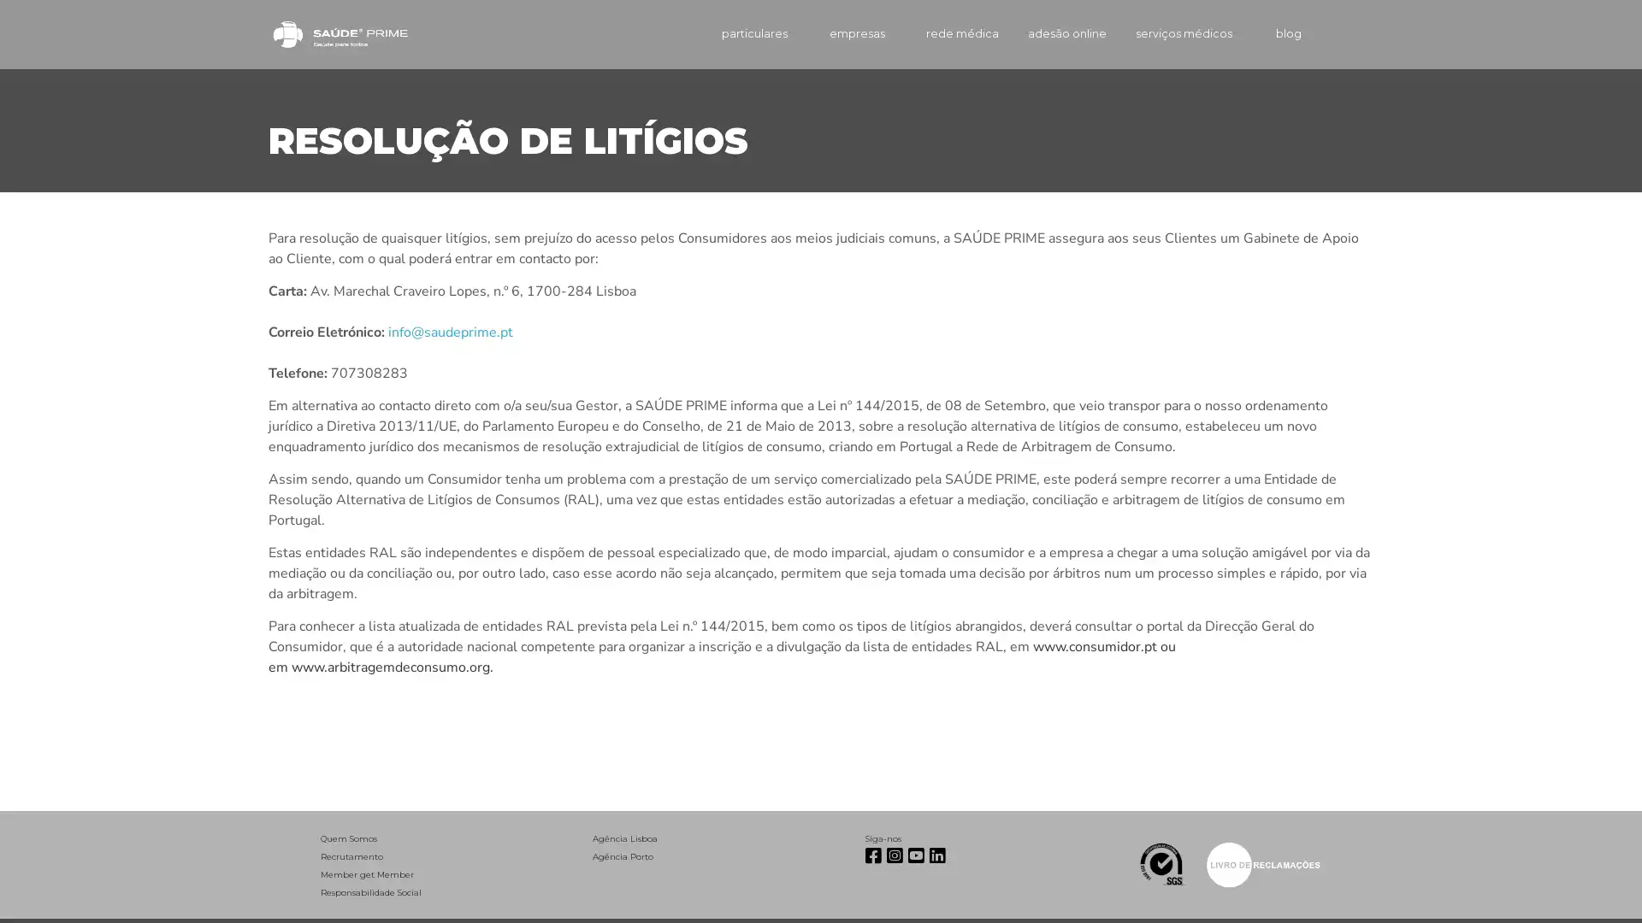 The height and width of the screenshot is (923, 1642). What do you see at coordinates (936, 33) in the screenshot?
I see `rede medica` at bounding box center [936, 33].